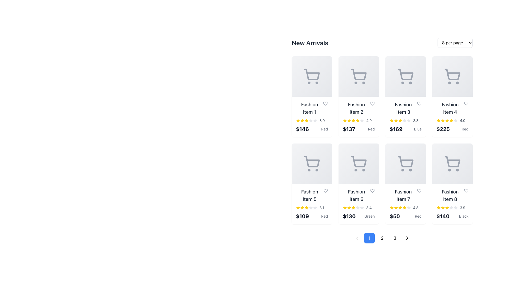  Describe the element at coordinates (452, 163) in the screenshot. I see `the icon in the card labeled 'Fashion Item 8'` at that location.